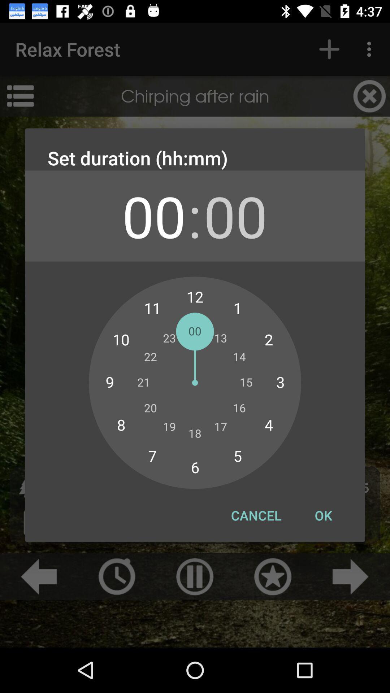 The width and height of the screenshot is (390, 693). What do you see at coordinates (256, 515) in the screenshot?
I see `the item at the bottom` at bounding box center [256, 515].